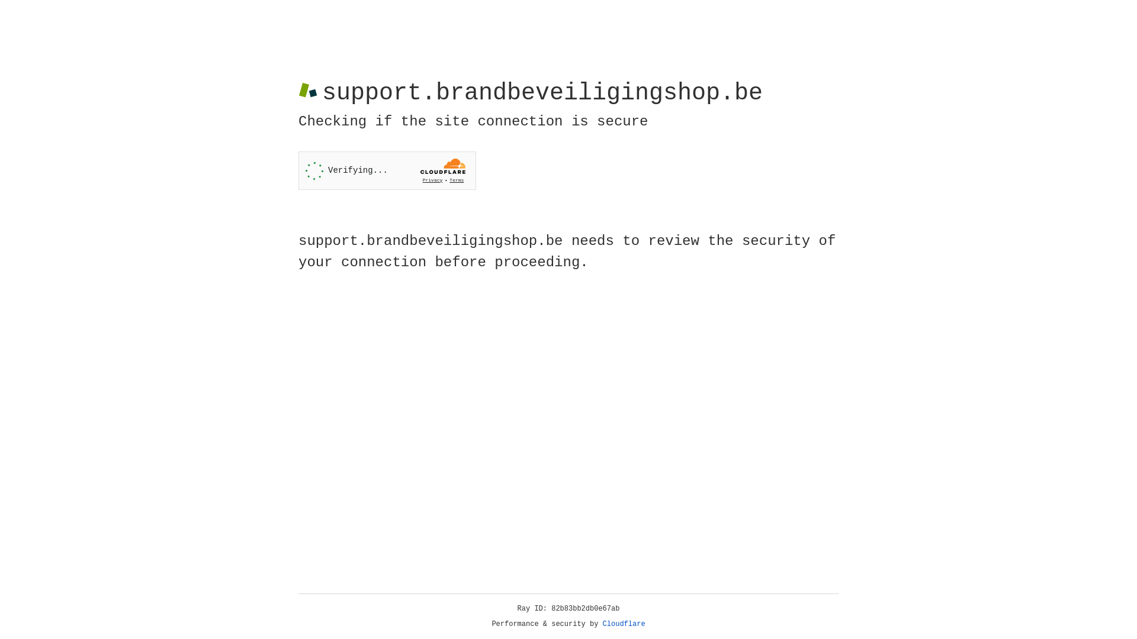 The image size is (1137, 639). What do you see at coordinates (602, 624) in the screenshot?
I see `'Cloudflare'` at bounding box center [602, 624].